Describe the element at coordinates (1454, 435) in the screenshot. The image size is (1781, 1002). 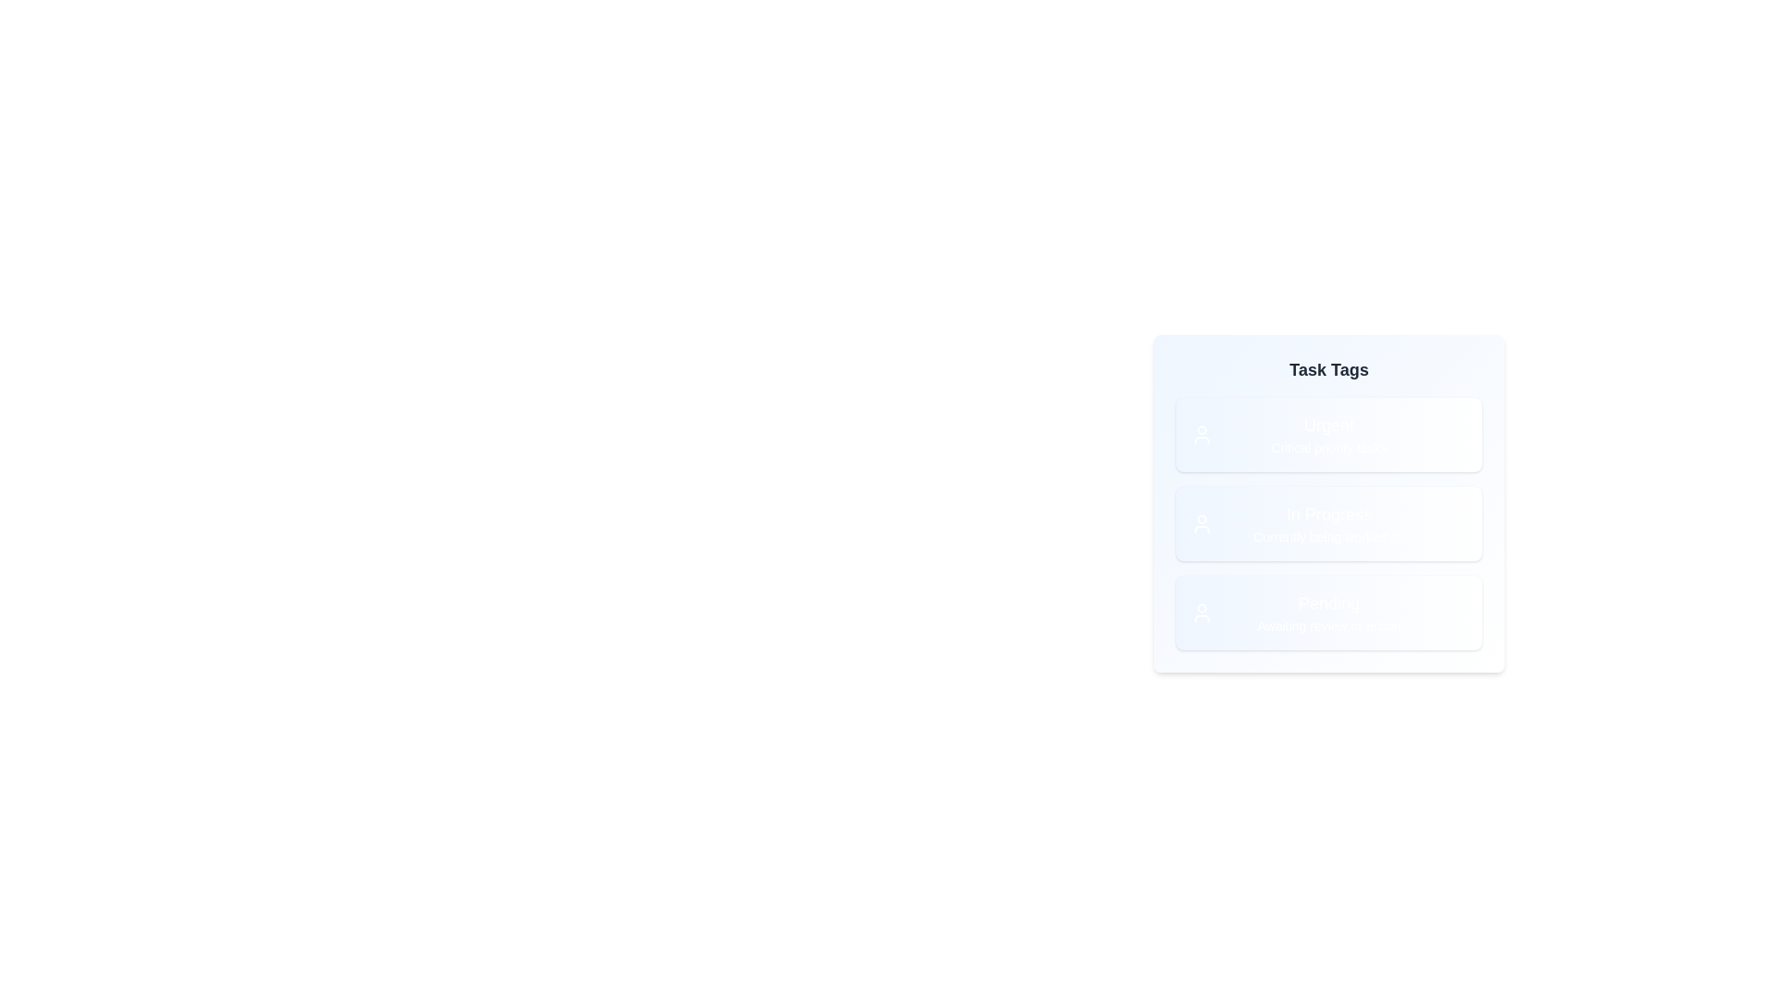
I see `the delete icon of the tag labeled Urgent` at that location.